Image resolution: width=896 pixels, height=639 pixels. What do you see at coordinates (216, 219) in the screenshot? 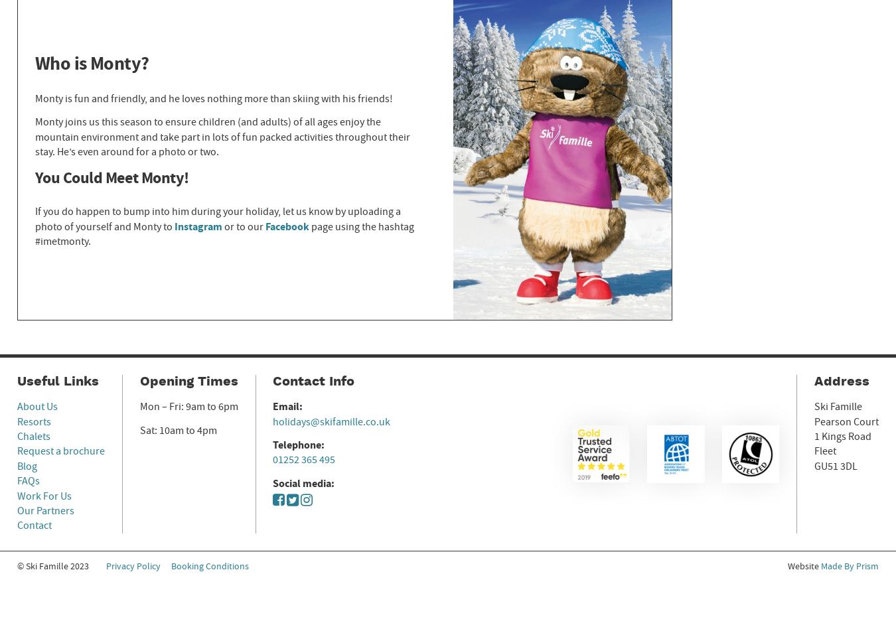
I see `'If you do happen to bump into him during your holiday, let us know by uploading a photo of yourself and Monty to'` at bounding box center [216, 219].